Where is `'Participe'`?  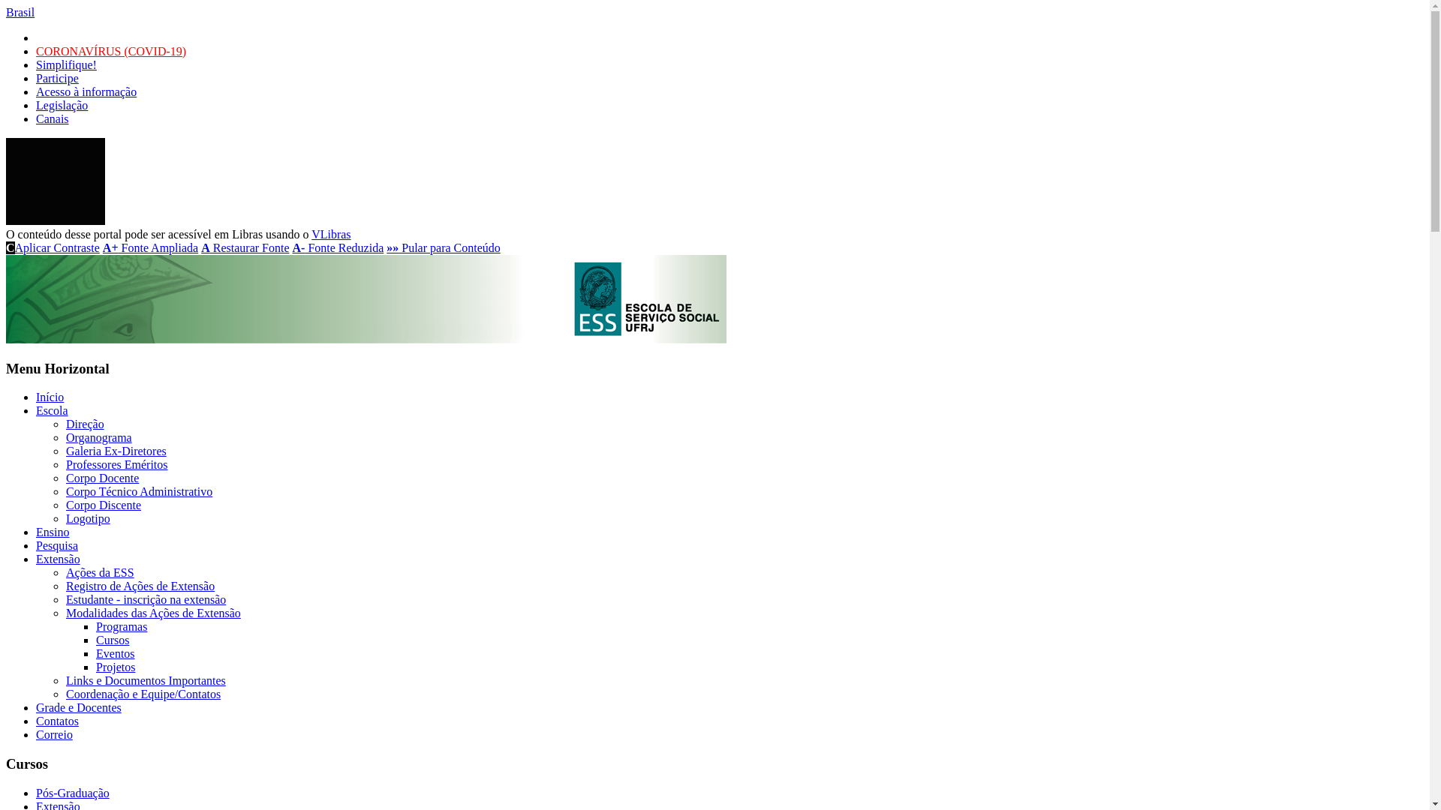 'Participe' is located at coordinates (57, 78).